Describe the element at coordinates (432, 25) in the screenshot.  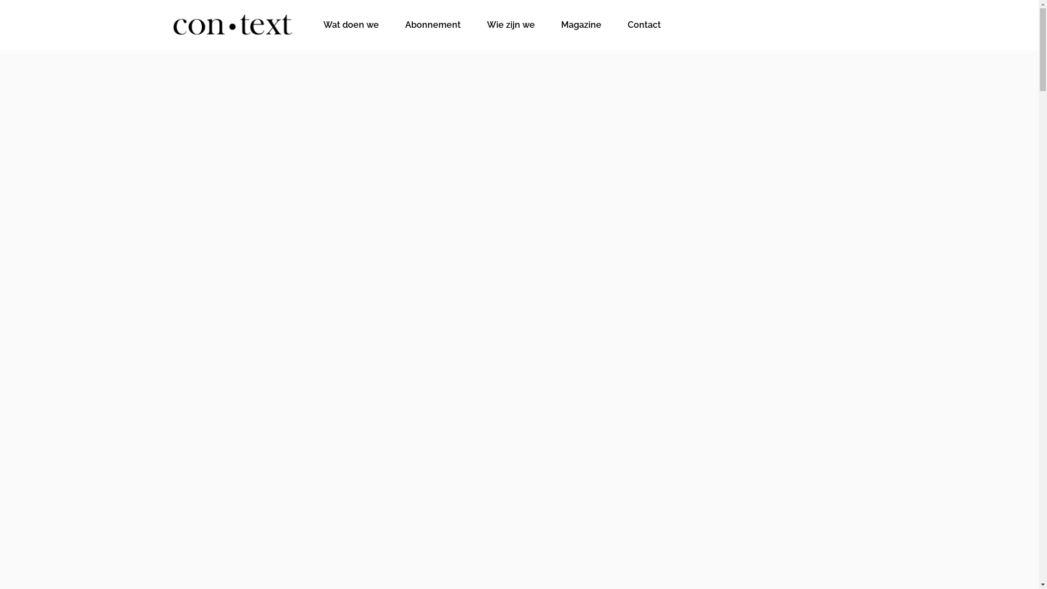
I see `'Abonnement'` at that location.